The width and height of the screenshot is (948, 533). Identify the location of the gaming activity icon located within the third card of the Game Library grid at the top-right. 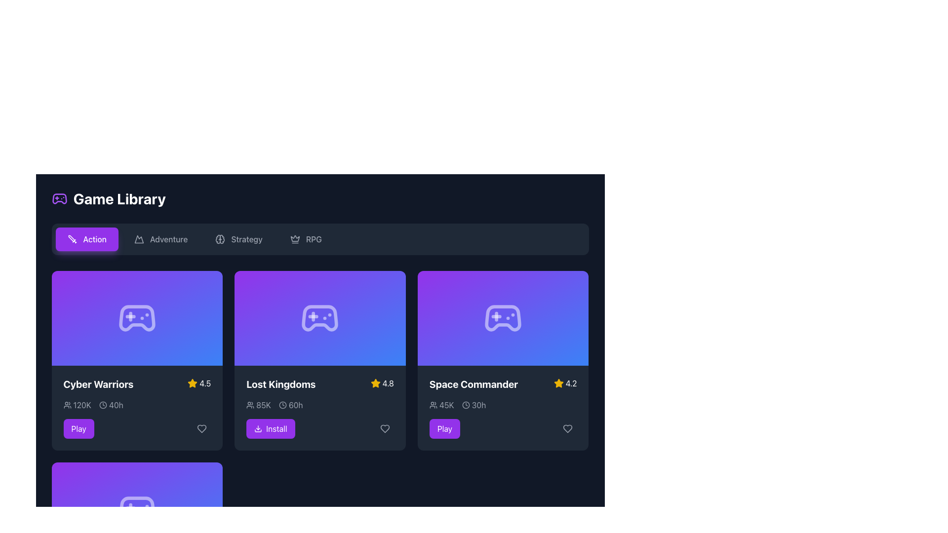
(503, 318).